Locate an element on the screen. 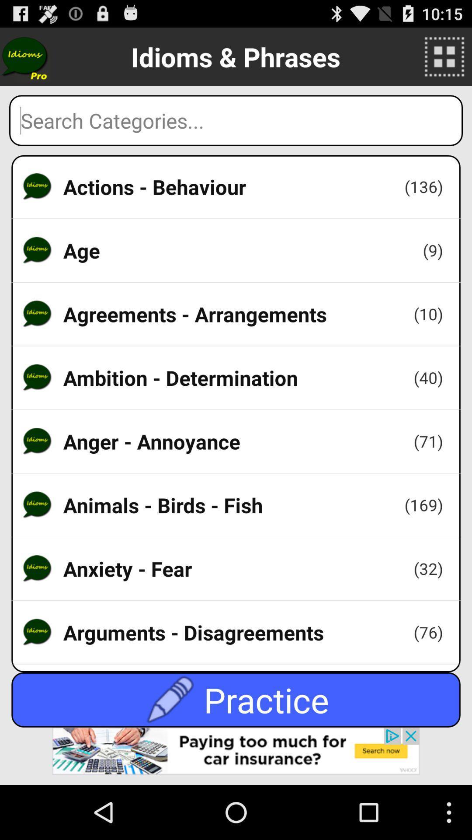 The height and width of the screenshot is (840, 472). idioms icon is located at coordinates (24, 56).